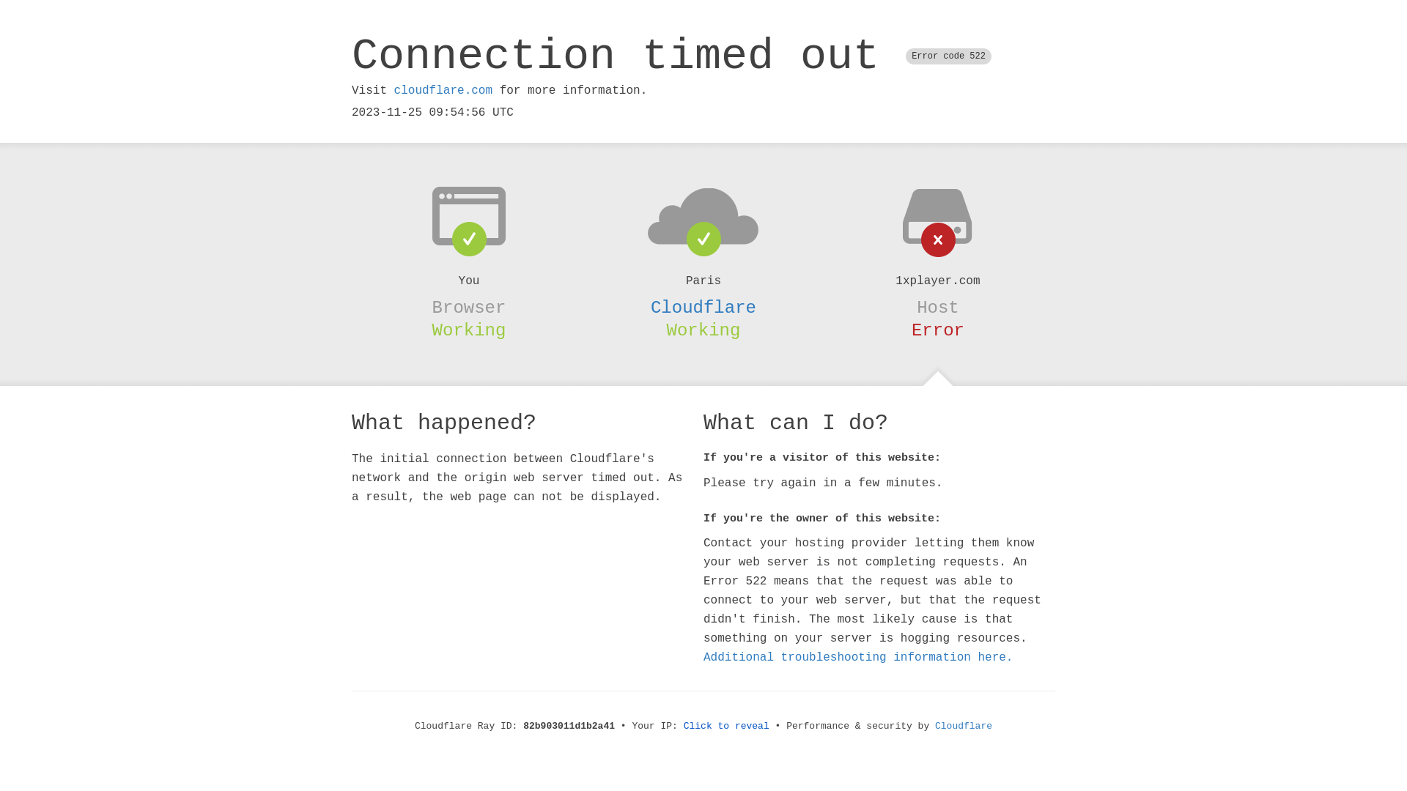 The height and width of the screenshot is (791, 1407). Describe the element at coordinates (442, 90) in the screenshot. I see `'cloudflare.com'` at that location.